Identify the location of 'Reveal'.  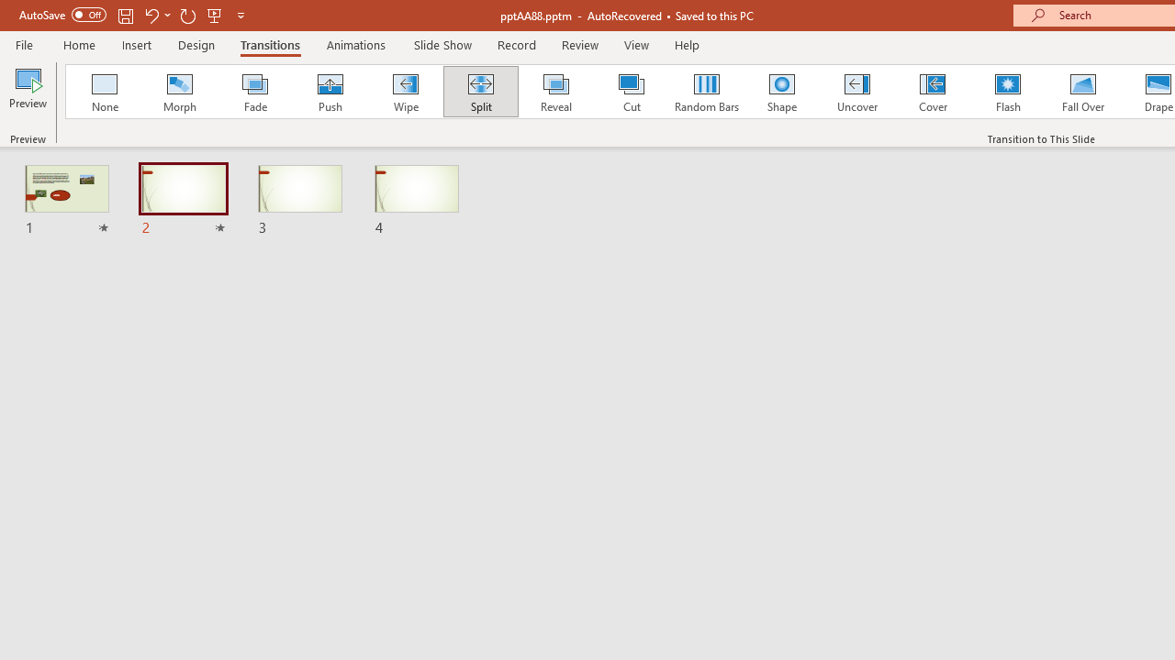
(554, 92).